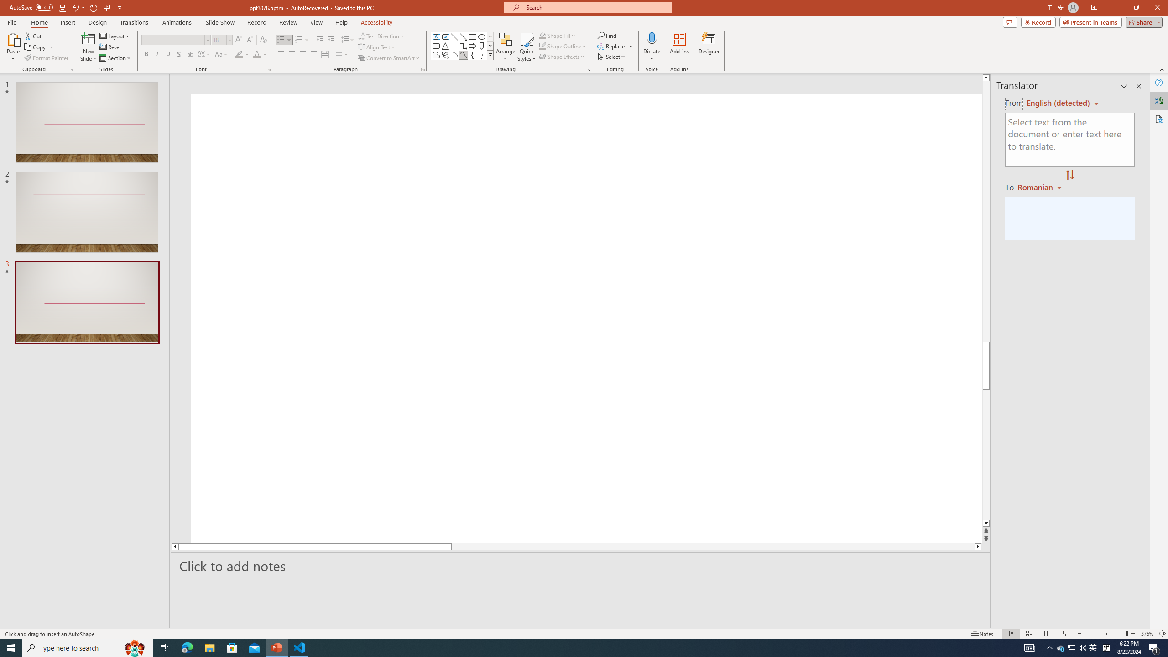 This screenshot has height=657, width=1168. I want to click on 'Czech (detected)', so click(1058, 103).